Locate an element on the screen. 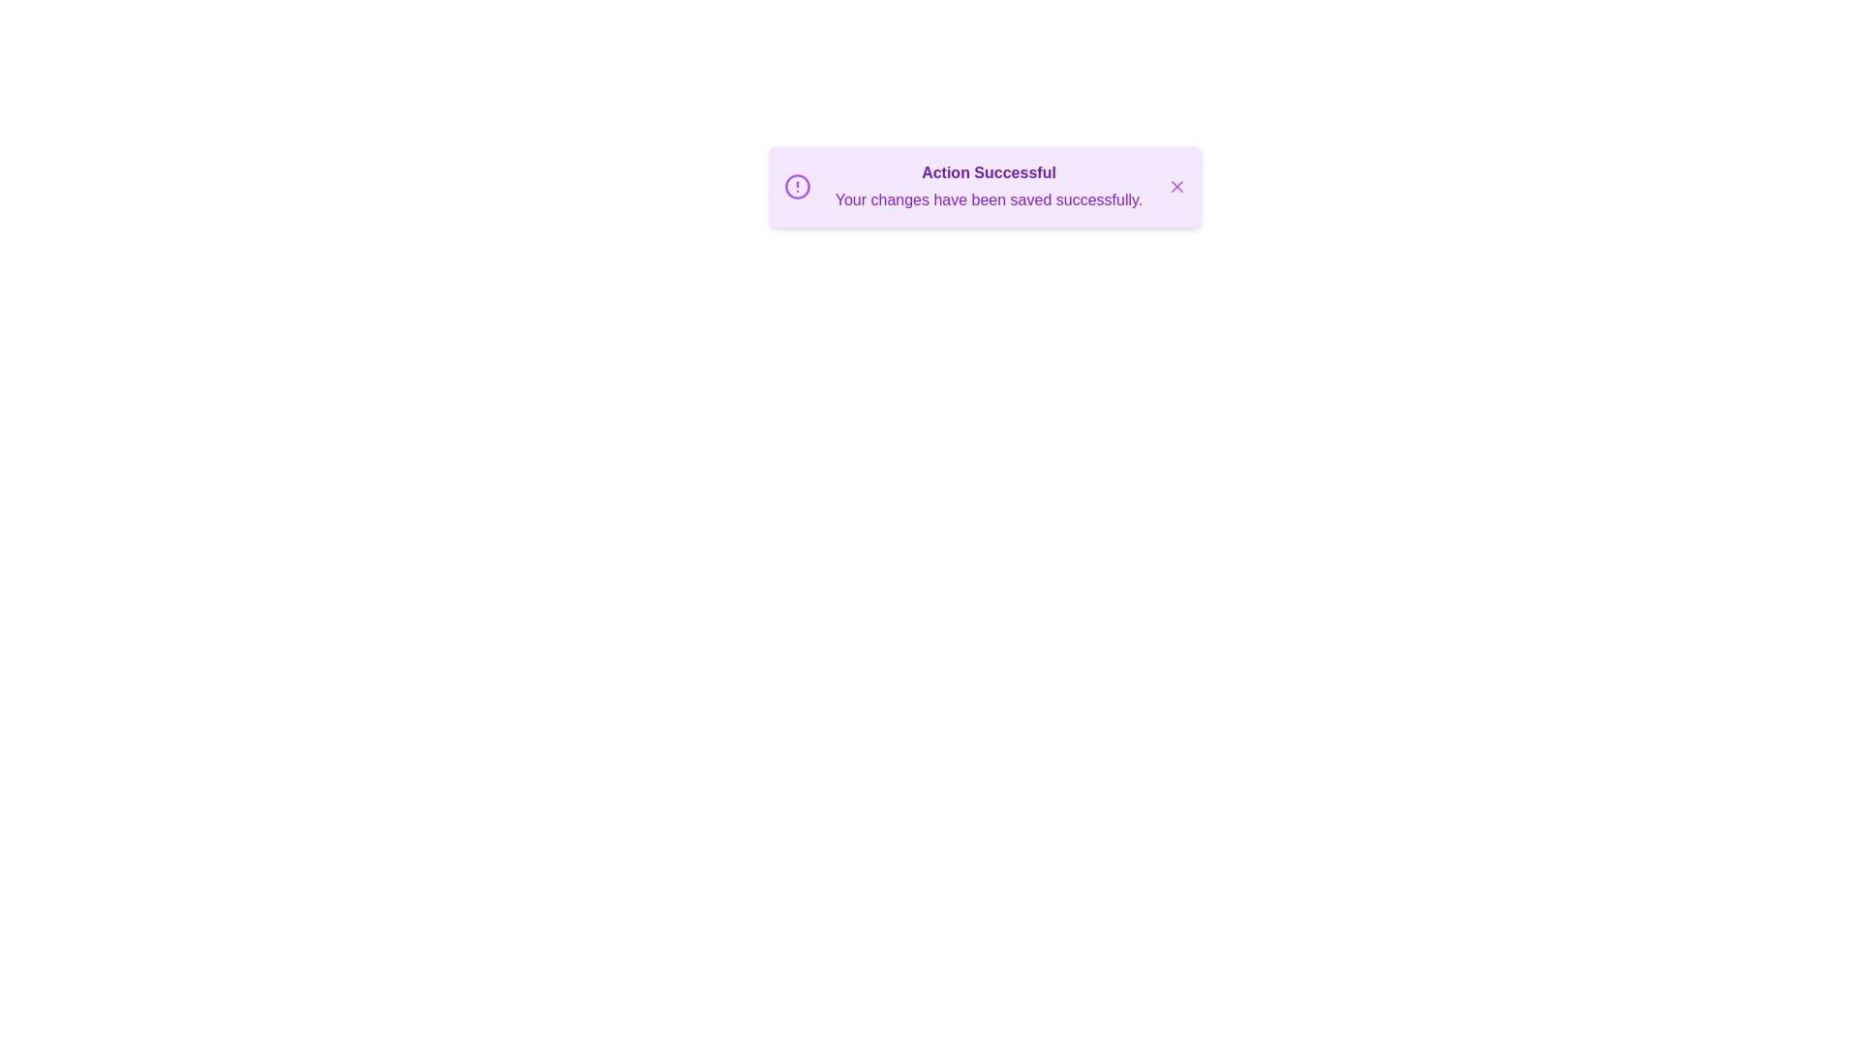  the close button to dismiss the alert is located at coordinates (1175, 186).